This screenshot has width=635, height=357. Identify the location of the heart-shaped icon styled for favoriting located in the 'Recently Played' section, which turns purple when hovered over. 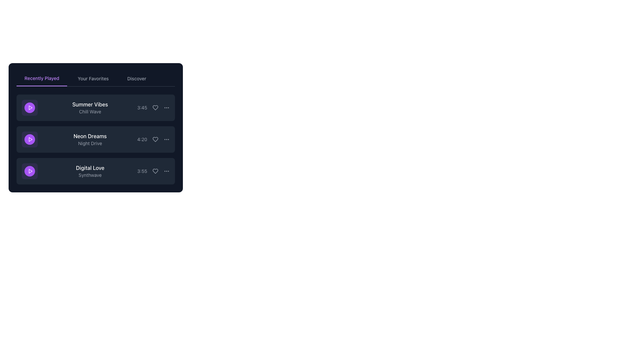
(155, 107).